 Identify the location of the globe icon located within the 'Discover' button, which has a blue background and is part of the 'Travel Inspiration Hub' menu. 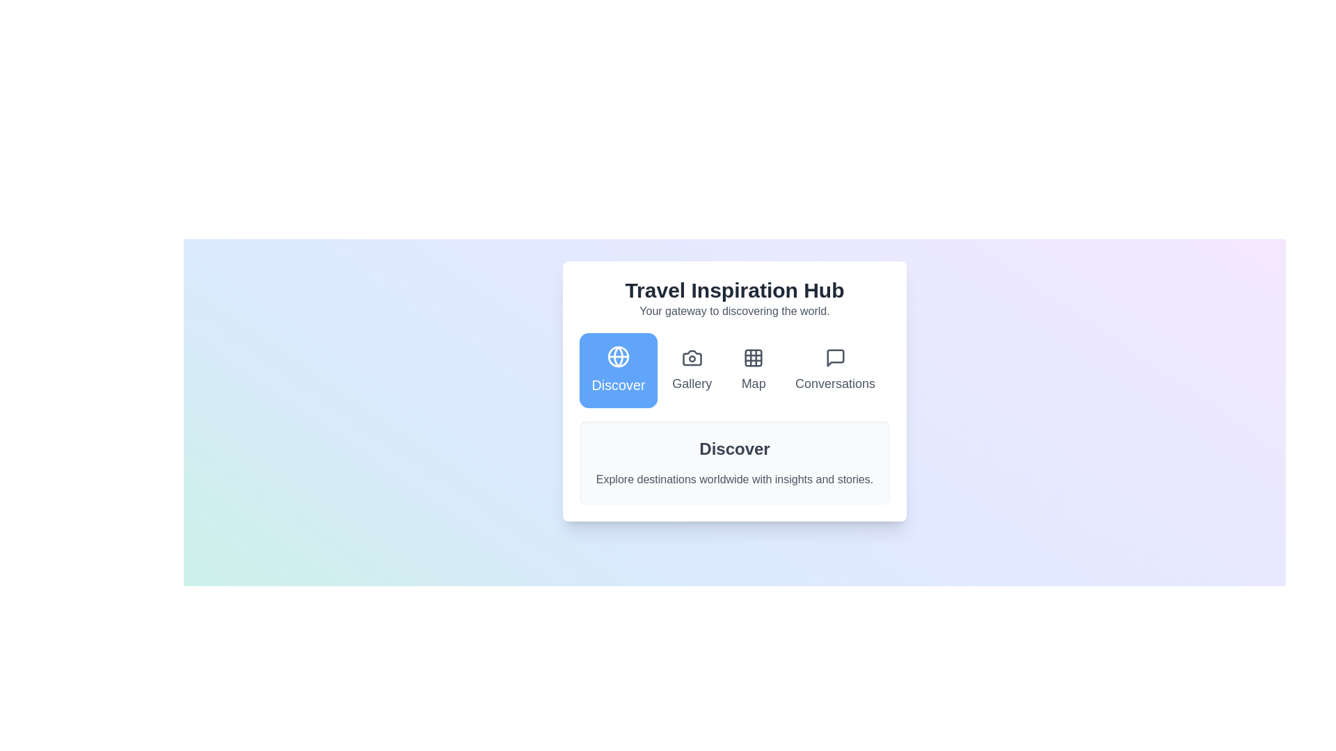
(617, 356).